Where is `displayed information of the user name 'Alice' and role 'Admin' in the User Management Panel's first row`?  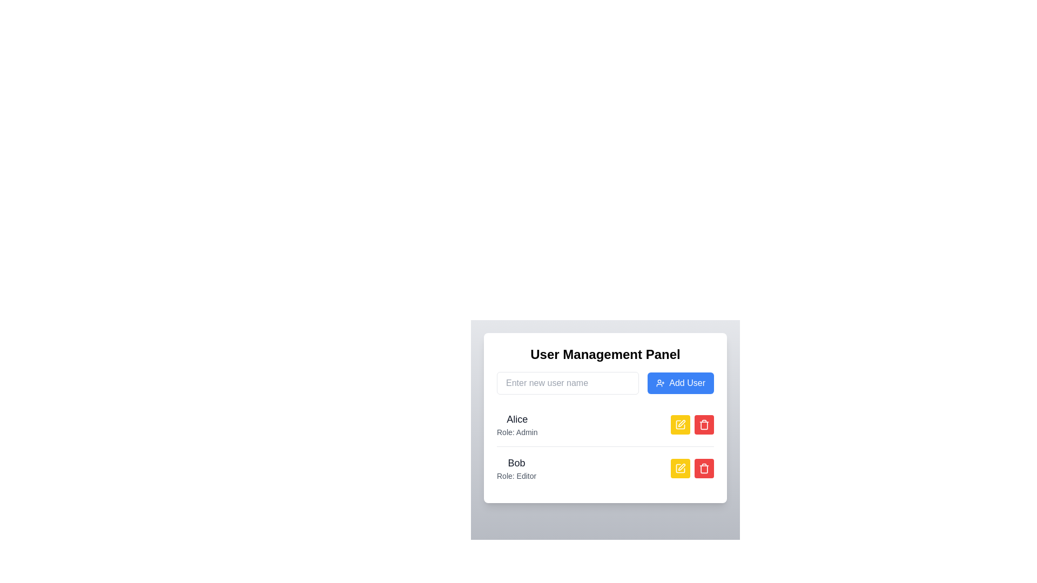
displayed information of the user name 'Alice' and role 'Admin' in the User Management Panel's first row is located at coordinates (516, 424).